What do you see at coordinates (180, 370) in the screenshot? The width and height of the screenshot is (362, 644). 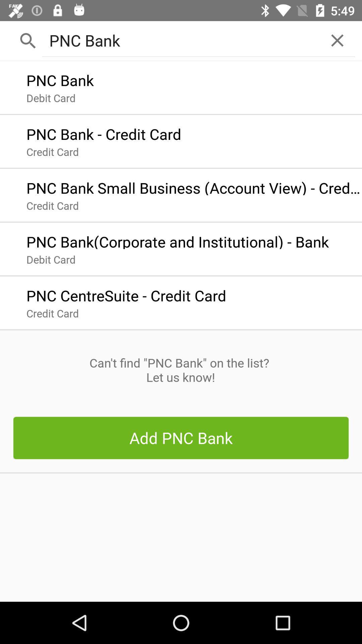 I see `icon above the add pnc bank` at bounding box center [180, 370].